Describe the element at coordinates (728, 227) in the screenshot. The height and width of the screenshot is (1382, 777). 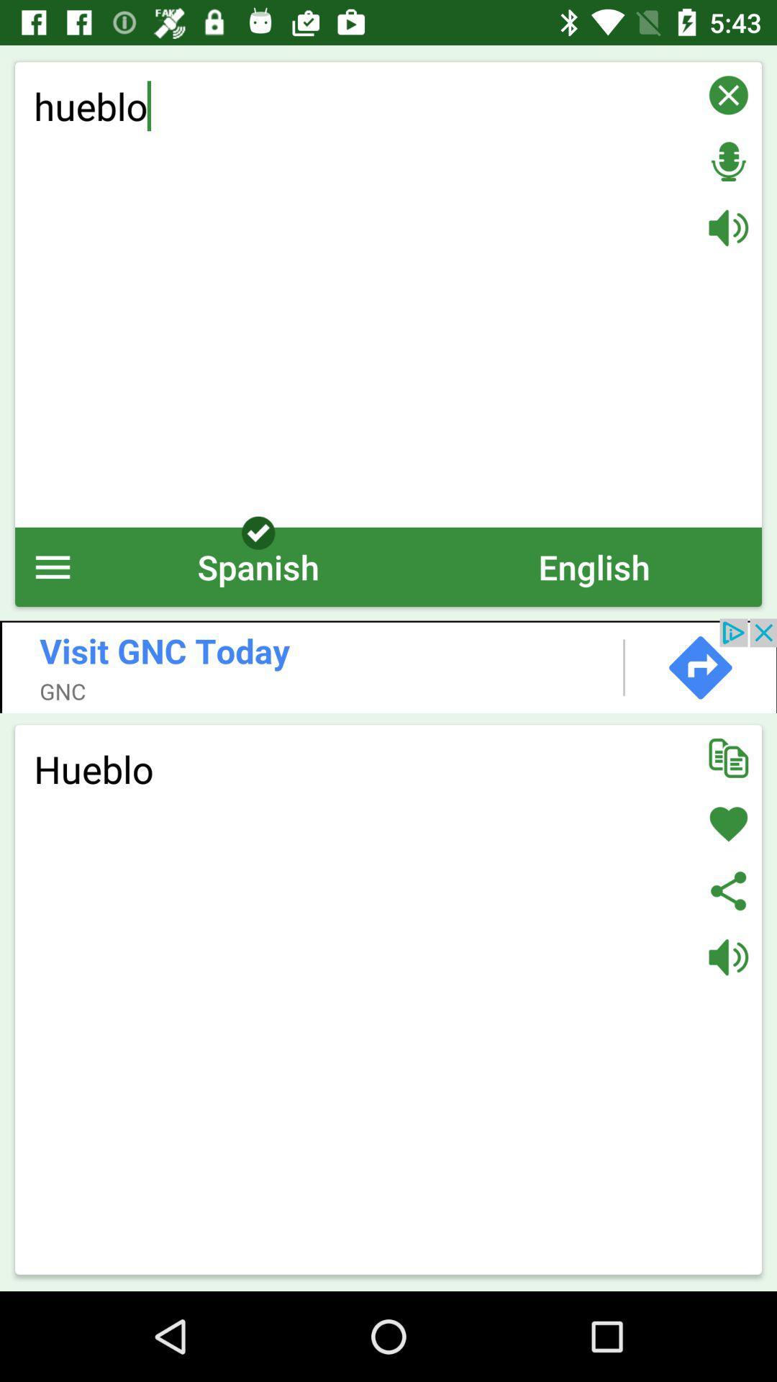
I see `turn up the volume` at that location.